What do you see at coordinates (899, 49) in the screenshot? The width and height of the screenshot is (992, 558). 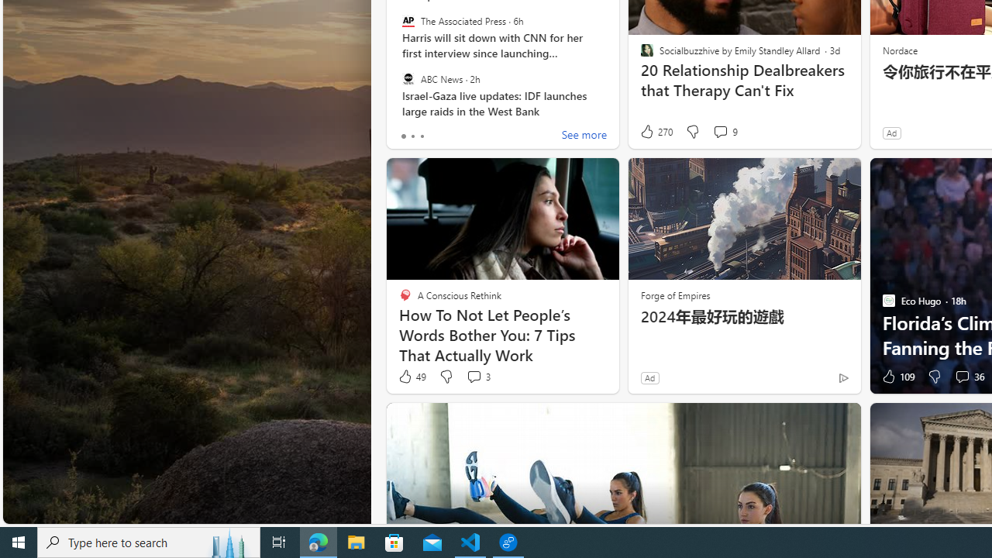 I see `'Nordace'` at bounding box center [899, 49].